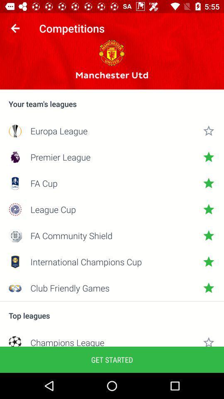 This screenshot has width=224, height=399. What do you see at coordinates (112, 209) in the screenshot?
I see `the item below the fa cup icon` at bounding box center [112, 209].